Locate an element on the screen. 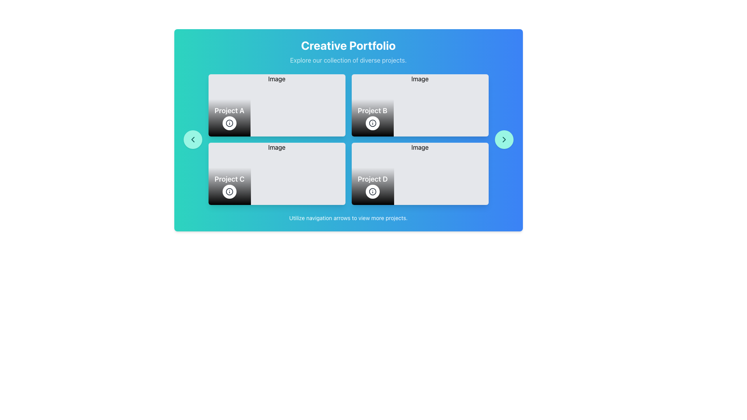 The height and width of the screenshot is (420, 747). the text element that contains the message 'Utilize navigation arrows is located at coordinates (348, 218).